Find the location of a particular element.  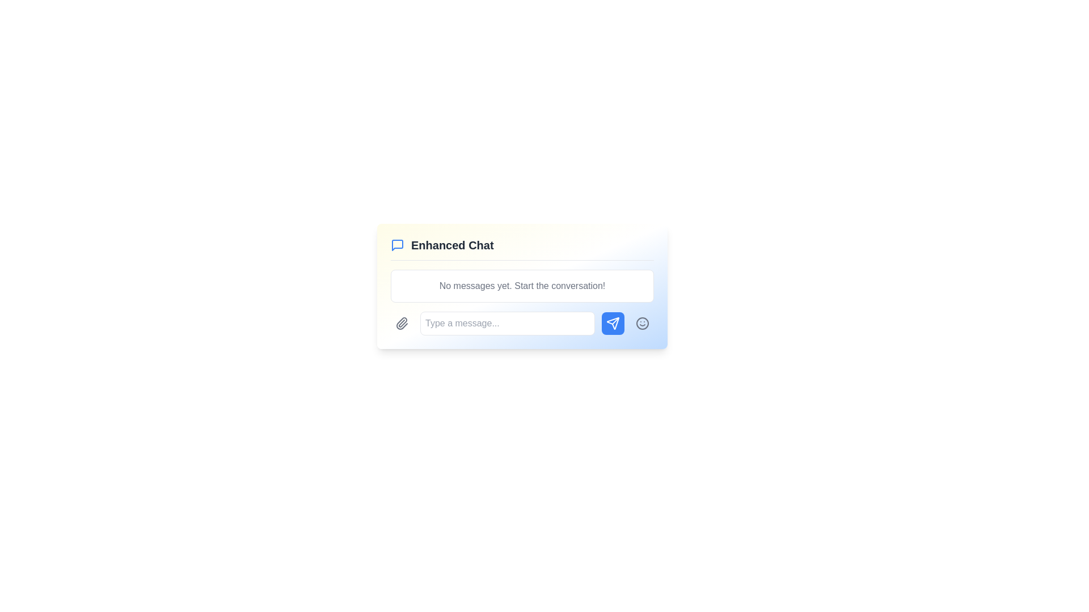

the circular smiley face icon with a gray stroke in the message input interface is located at coordinates (642, 323).